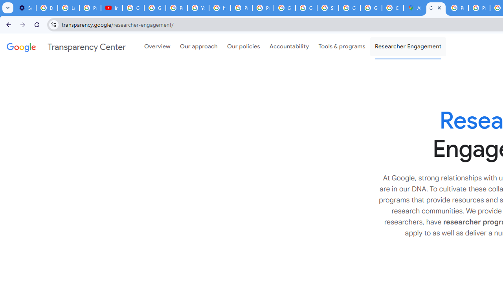 The image size is (503, 283). Describe the element at coordinates (66, 47) in the screenshot. I see `'Transparency Center'` at that location.